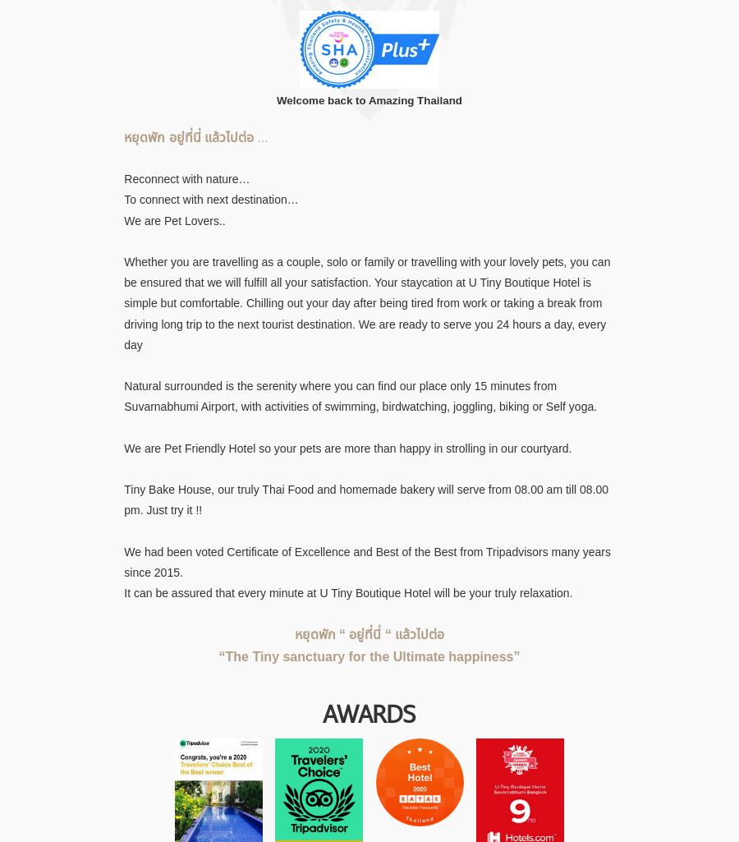 The height and width of the screenshot is (842, 739). Describe the element at coordinates (210, 199) in the screenshot. I see `'To connect with next destination…'` at that location.